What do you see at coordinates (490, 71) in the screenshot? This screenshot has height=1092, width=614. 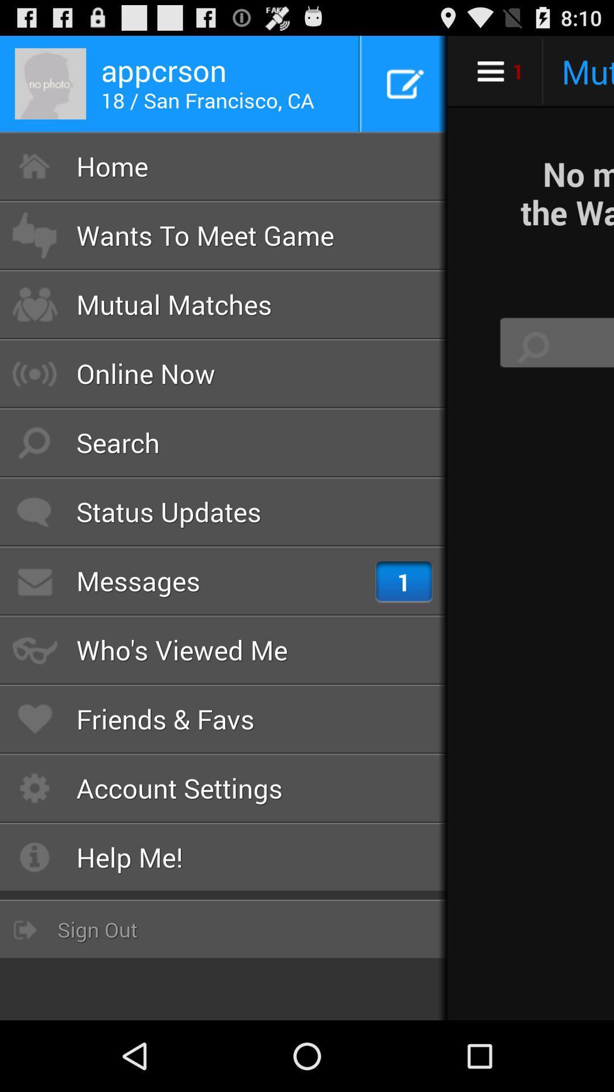 I see `the menu bar icon` at bounding box center [490, 71].